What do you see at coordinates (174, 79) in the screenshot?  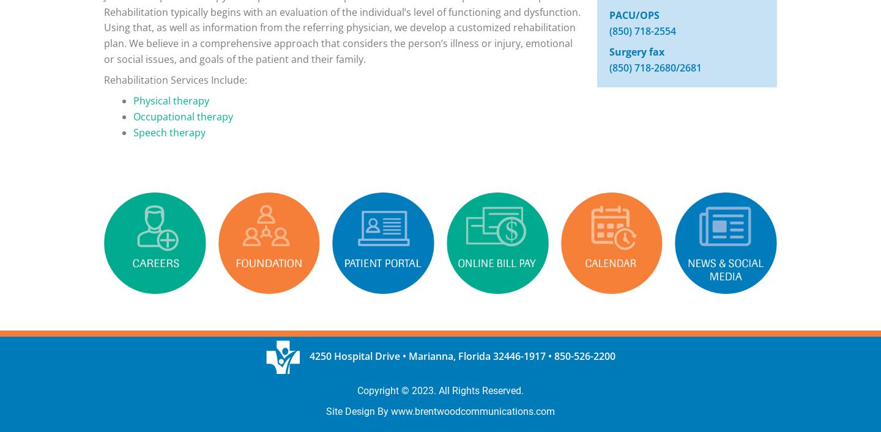 I see `'Rehabilitation Services Include:'` at bounding box center [174, 79].